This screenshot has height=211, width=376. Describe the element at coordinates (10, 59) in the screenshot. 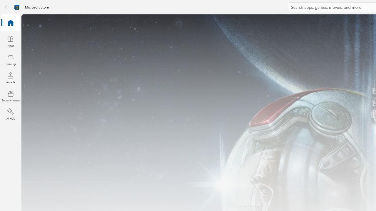

I see `'Gaming'` at that location.